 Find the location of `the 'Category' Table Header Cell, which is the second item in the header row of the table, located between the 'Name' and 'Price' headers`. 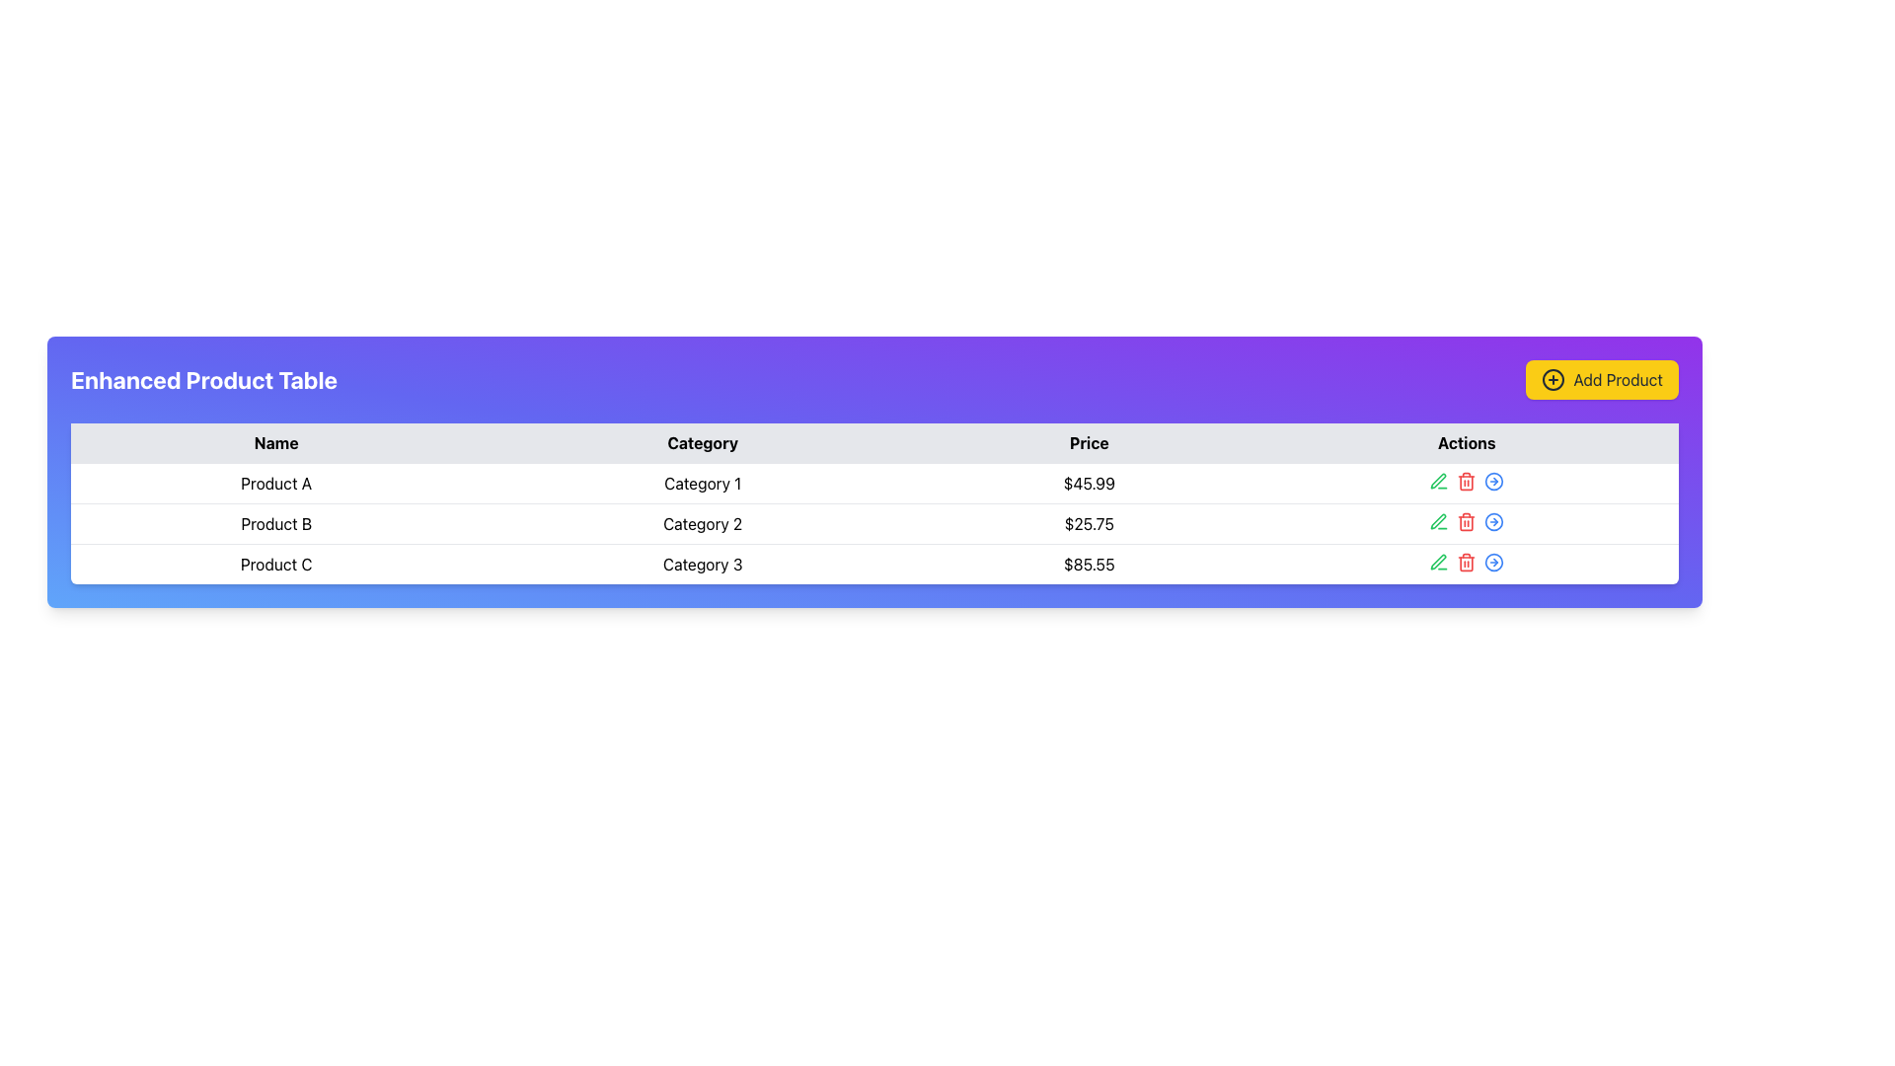

the 'Category' Table Header Cell, which is the second item in the header row of the table, located between the 'Name' and 'Price' headers is located at coordinates (703, 442).